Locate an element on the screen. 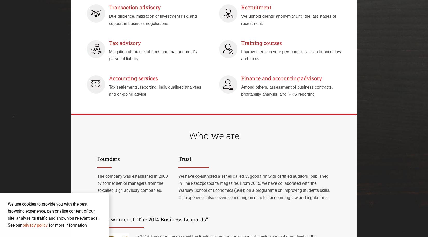 The width and height of the screenshot is (428, 237). 'Who we are' is located at coordinates (213, 135).